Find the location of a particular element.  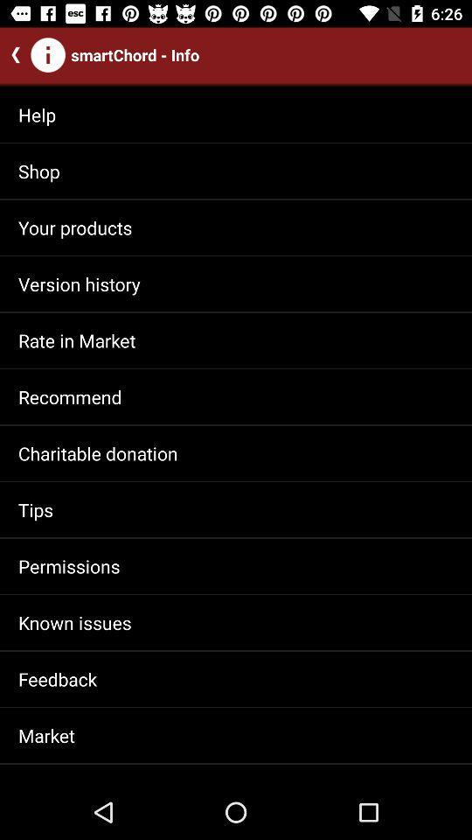

icon with i at top left is located at coordinates (48, 54).